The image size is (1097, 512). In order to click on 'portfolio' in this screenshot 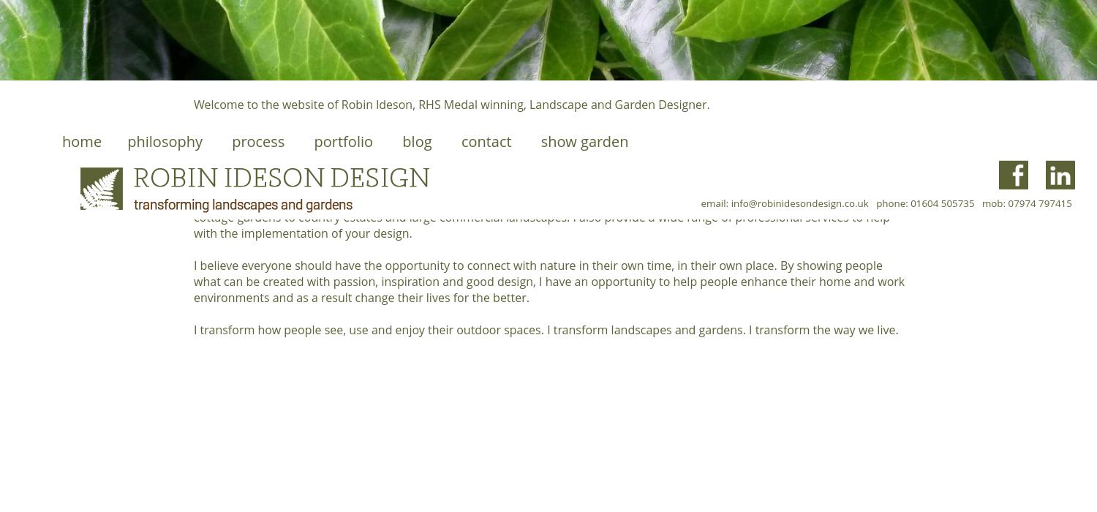, I will do `click(342, 140)`.